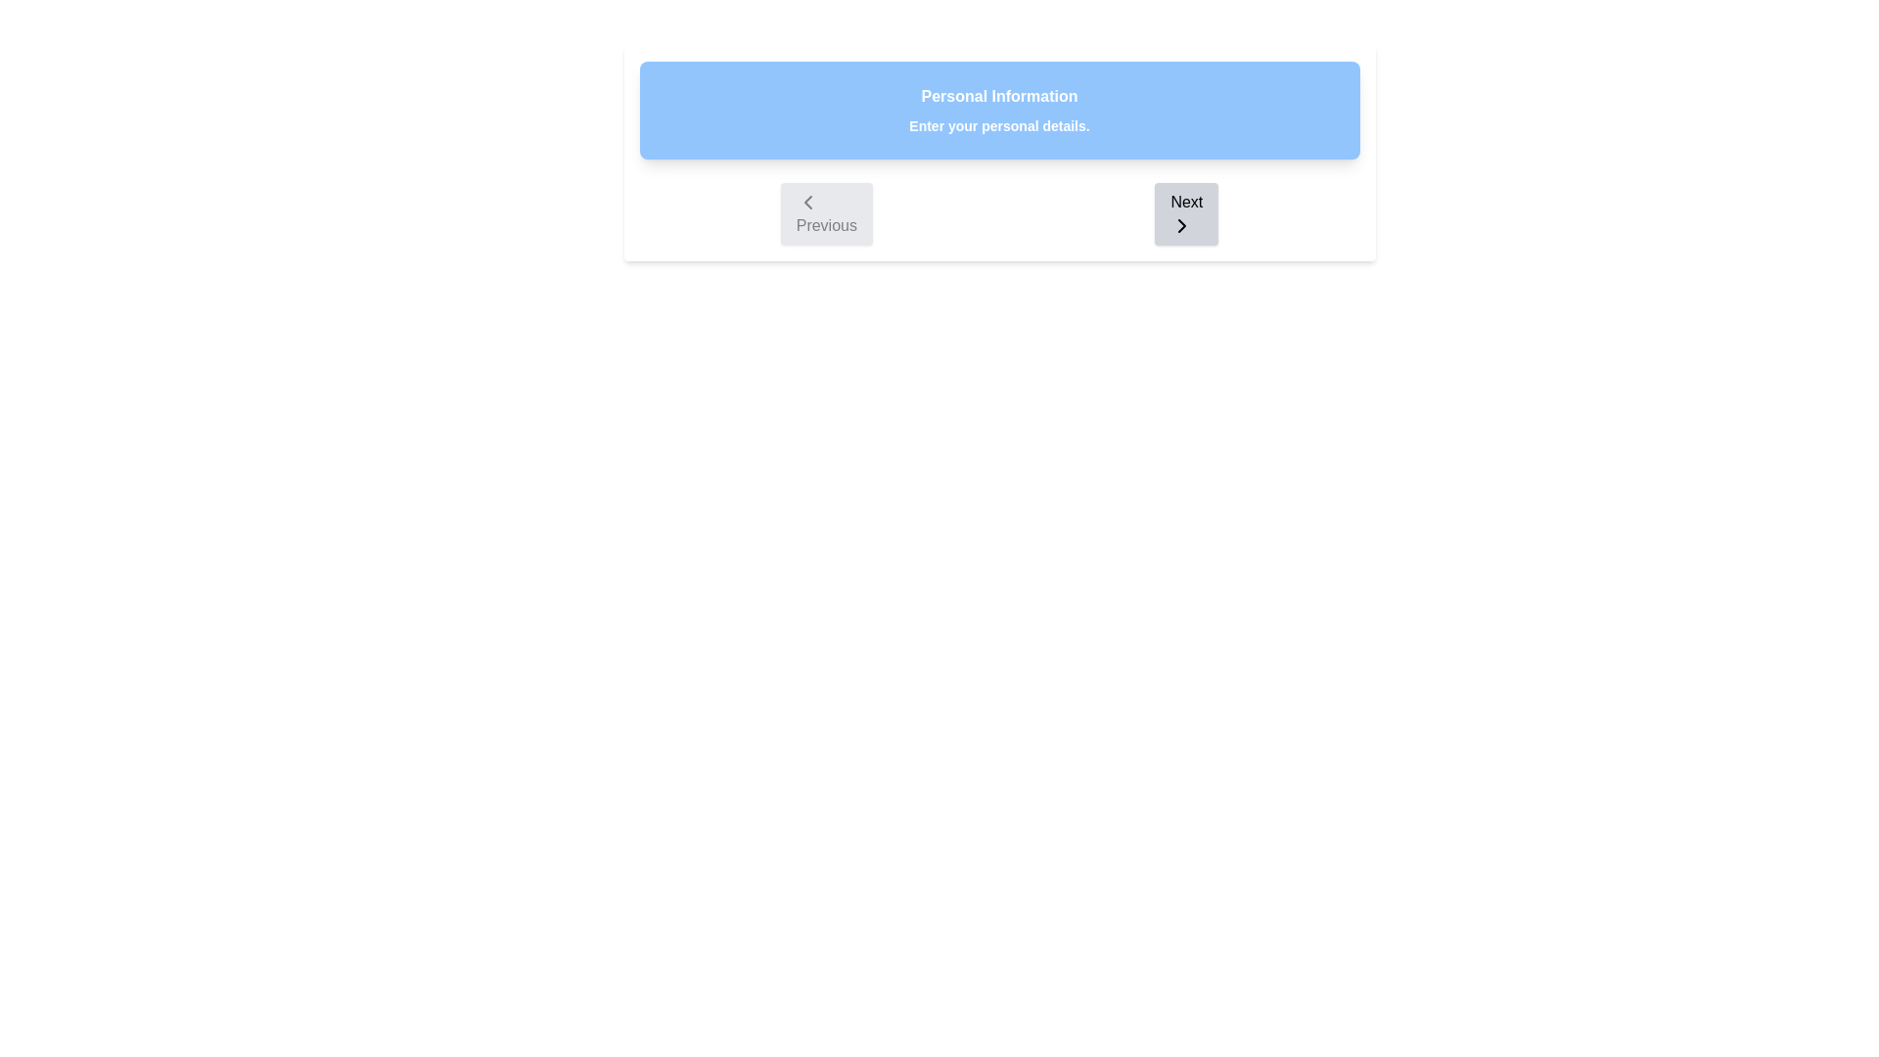  What do you see at coordinates (807, 203) in the screenshot?
I see `the backward navigation icon located in the lower-left corner of the content card, which serves as a visual cue for navigating to the previous step` at bounding box center [807, 203].